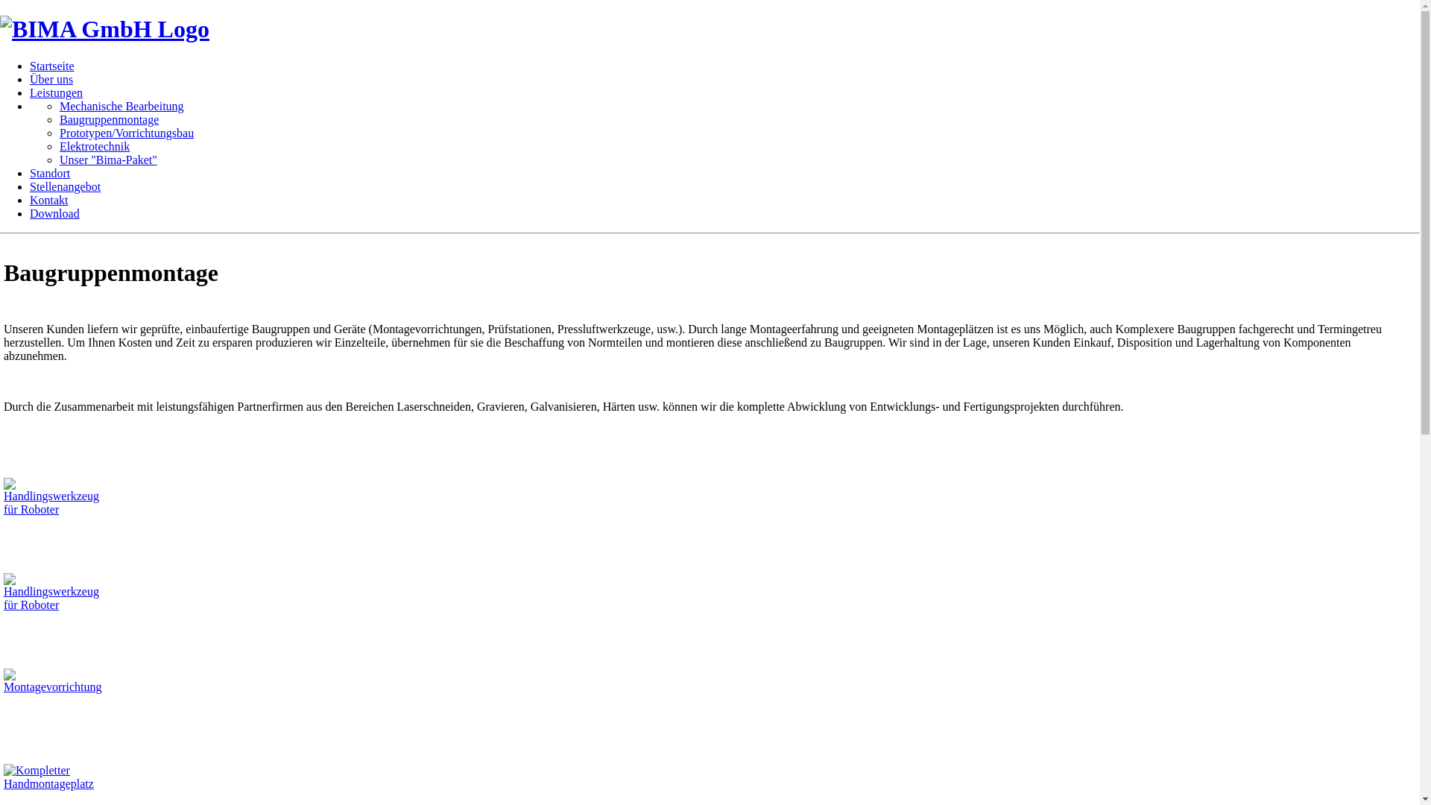 The image size is (1431, 805). I want to click on 'Leistungen', so click(56, 92).